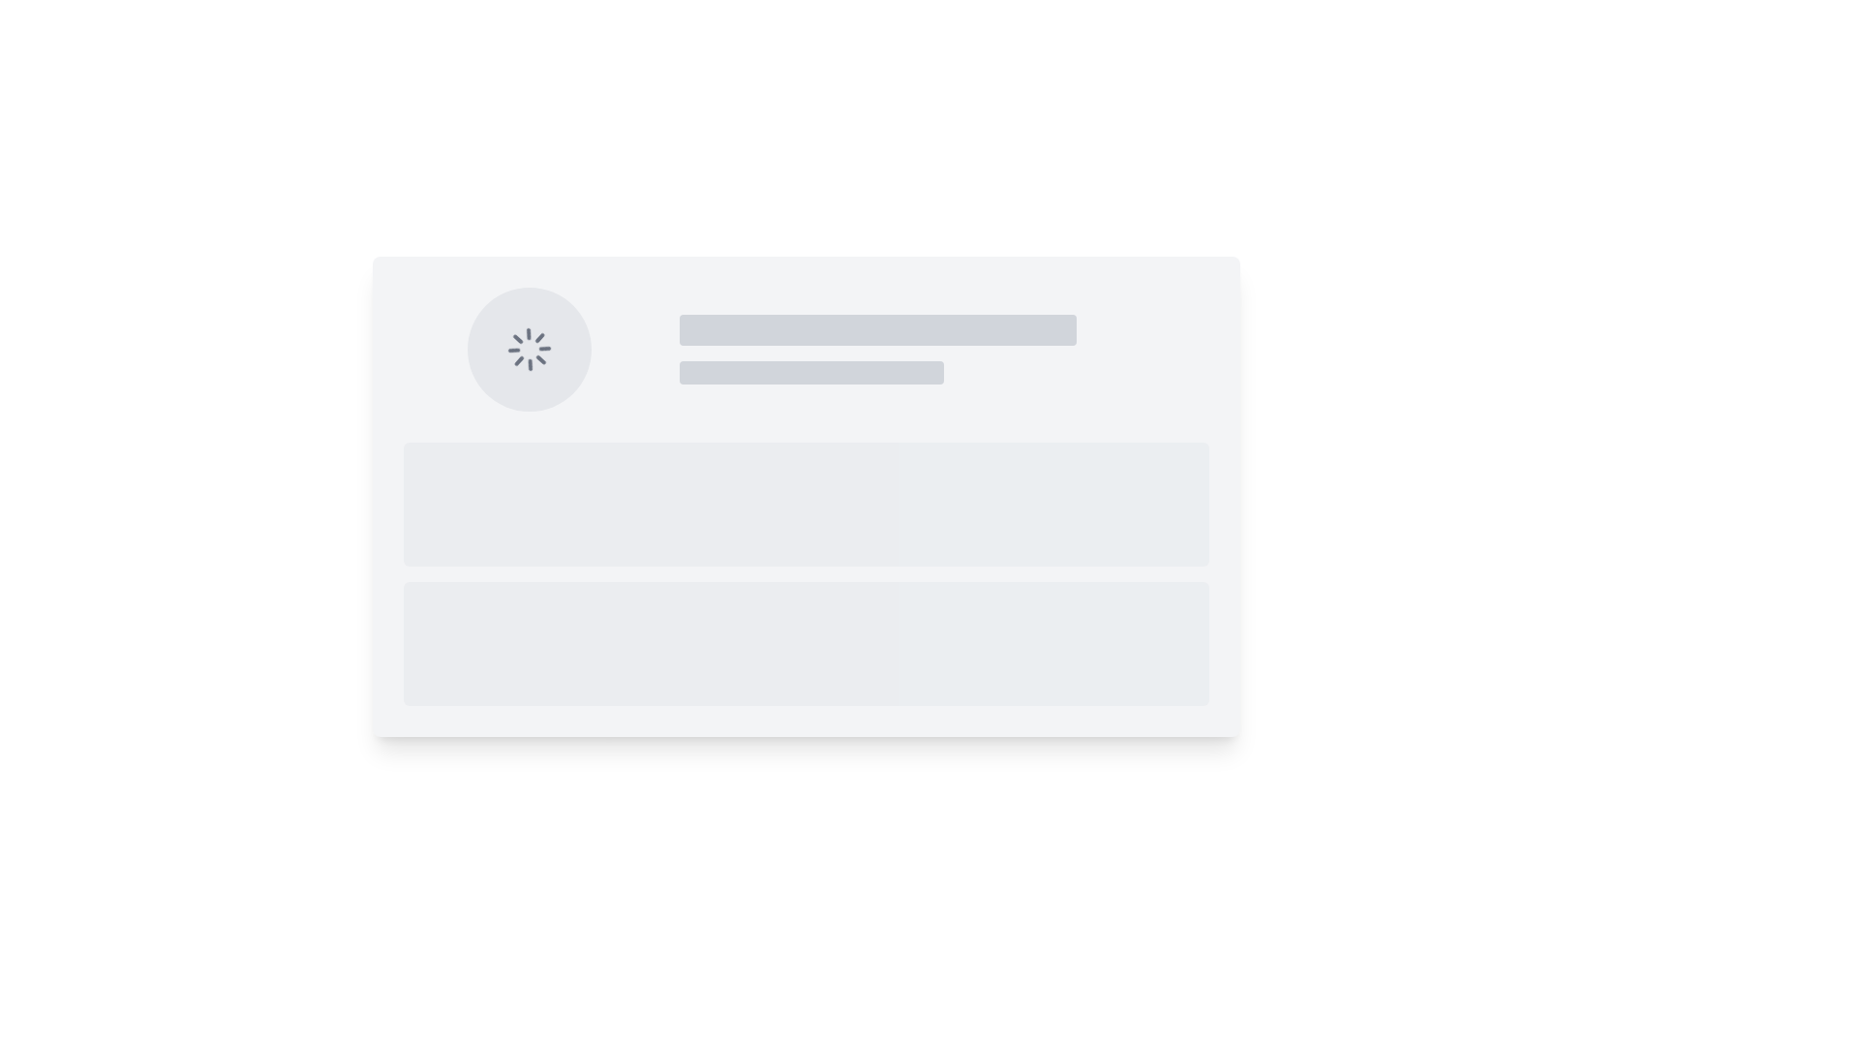 Image resolution: width=1859 pixels, height=1046 pixels. What do you see at coordinates (530, 350) in the screenshot?
I see `the animated loading indicator, which is a circular spinner icon with a gray color palette, located in the top-left section of the interface` at bounding box center [530, 350].